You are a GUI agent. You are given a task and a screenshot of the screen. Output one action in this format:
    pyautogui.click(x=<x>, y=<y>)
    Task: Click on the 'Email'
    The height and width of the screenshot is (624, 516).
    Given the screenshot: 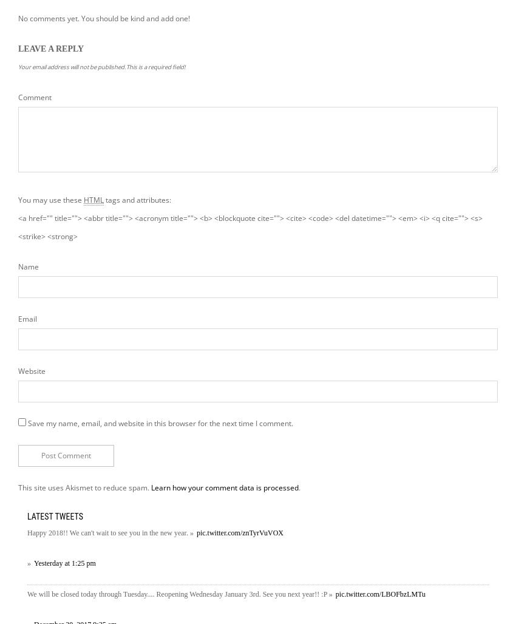 What is the action you would take?
    pyautogui.click(x=27, y=318)
    